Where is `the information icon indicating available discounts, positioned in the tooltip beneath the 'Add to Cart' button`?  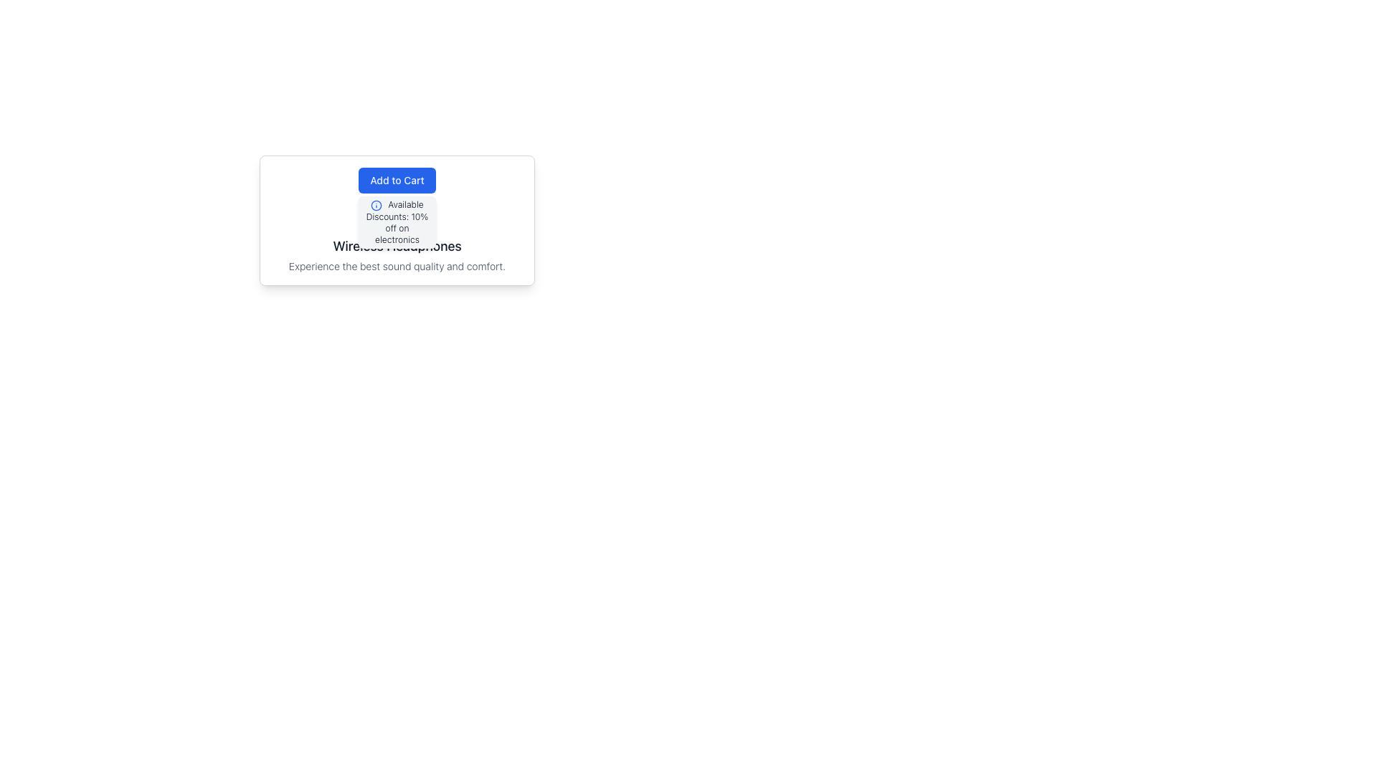 the information icon indicating available discounts, positioned in the tooltip beneath the 'Add to Cart' button is located at coordinates (377, 205).